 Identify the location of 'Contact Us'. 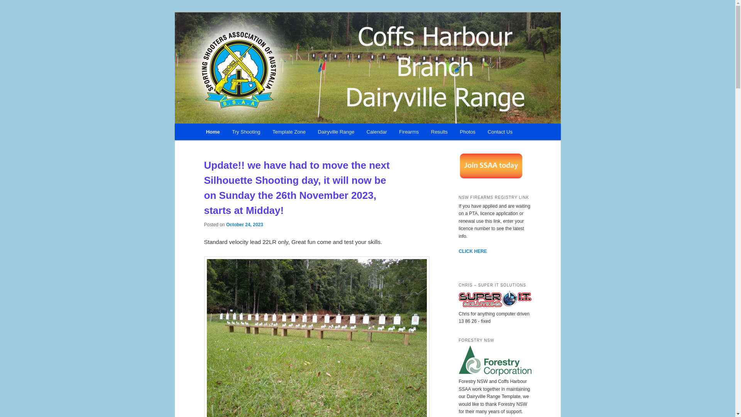
(500, 131).